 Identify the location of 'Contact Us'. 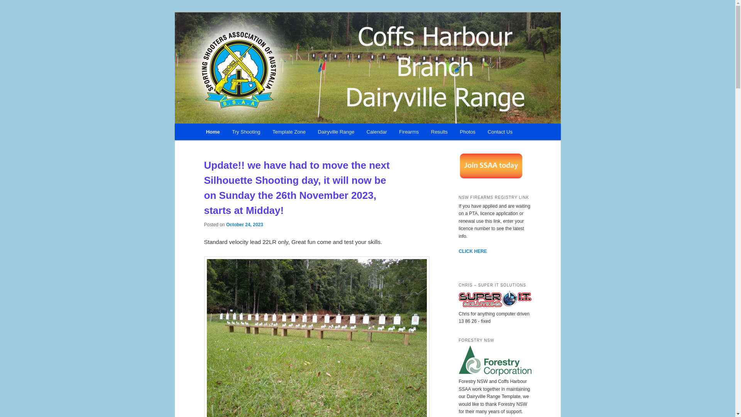
(500, 131).